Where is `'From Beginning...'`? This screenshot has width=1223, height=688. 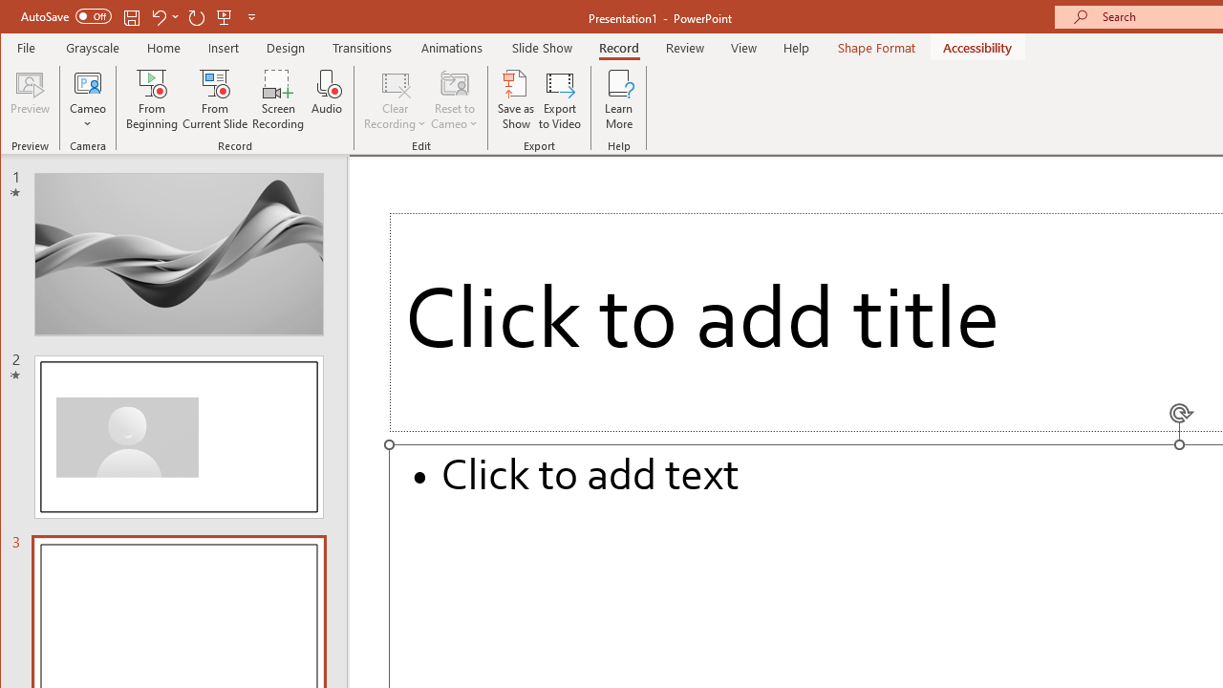 'From Beginning...' is located at coordinates (153, 99).